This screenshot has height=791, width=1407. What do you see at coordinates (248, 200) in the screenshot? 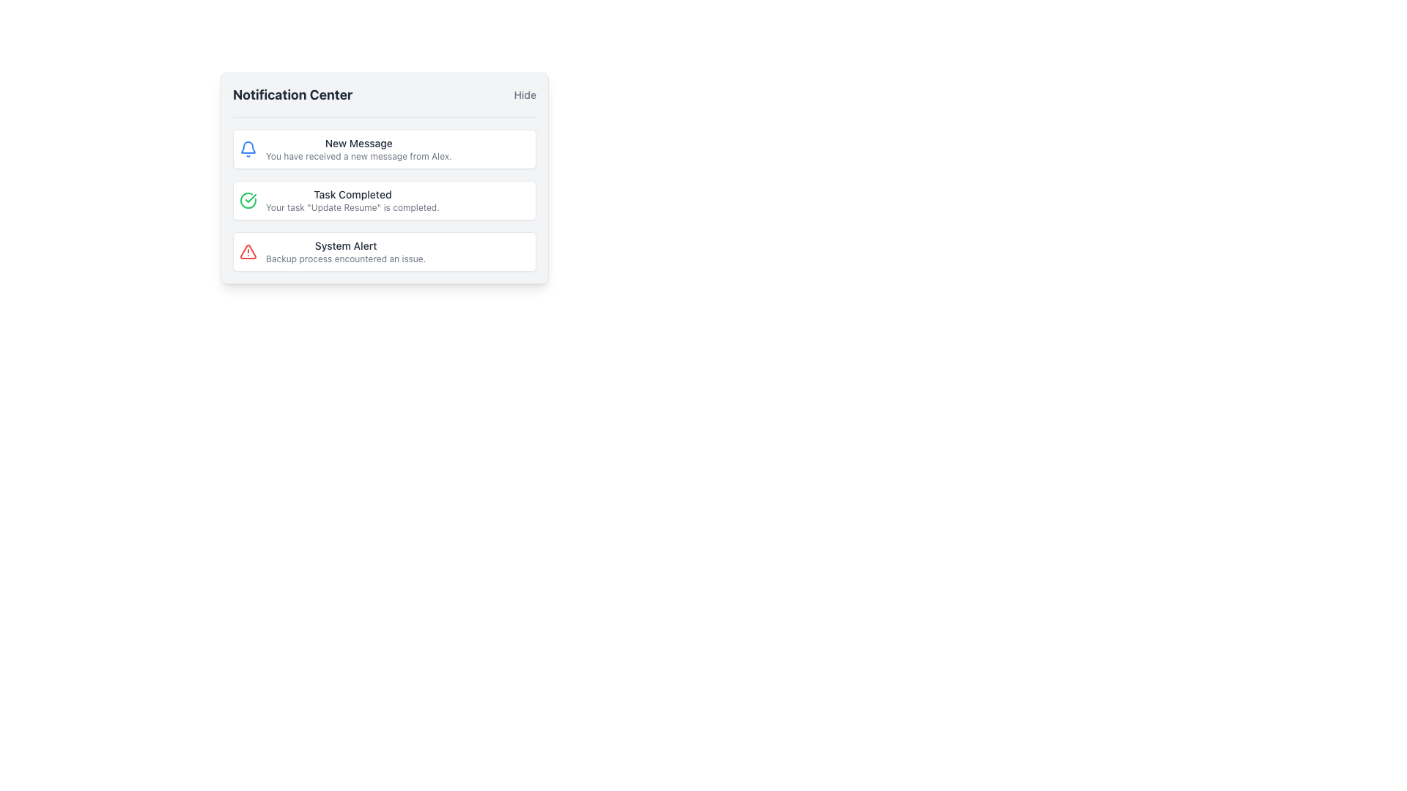
I see `the completion status icon next to the 'Task Completed' text in the second notification of the Notification Center` at bounding box center [248, 200].